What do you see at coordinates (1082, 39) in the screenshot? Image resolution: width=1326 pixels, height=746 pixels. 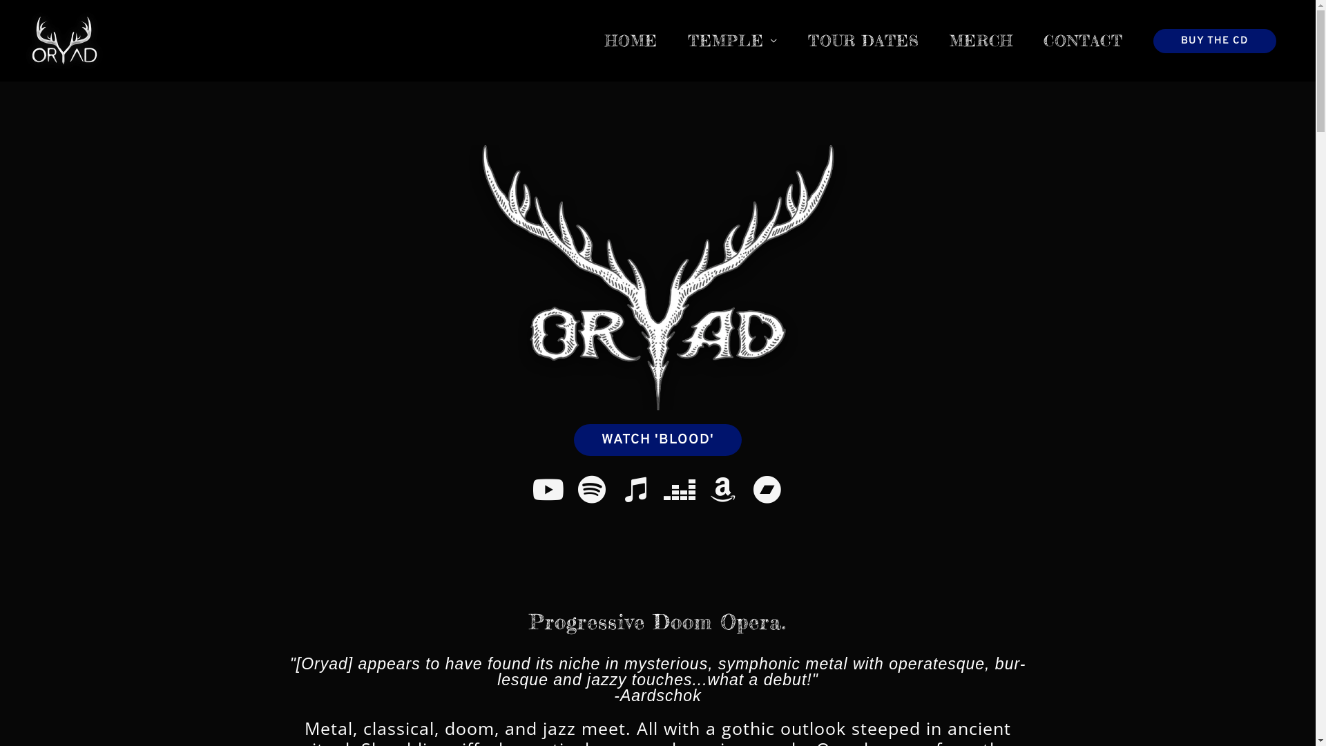 I see `'CONTACT'` at bounding box center [1082, 39].